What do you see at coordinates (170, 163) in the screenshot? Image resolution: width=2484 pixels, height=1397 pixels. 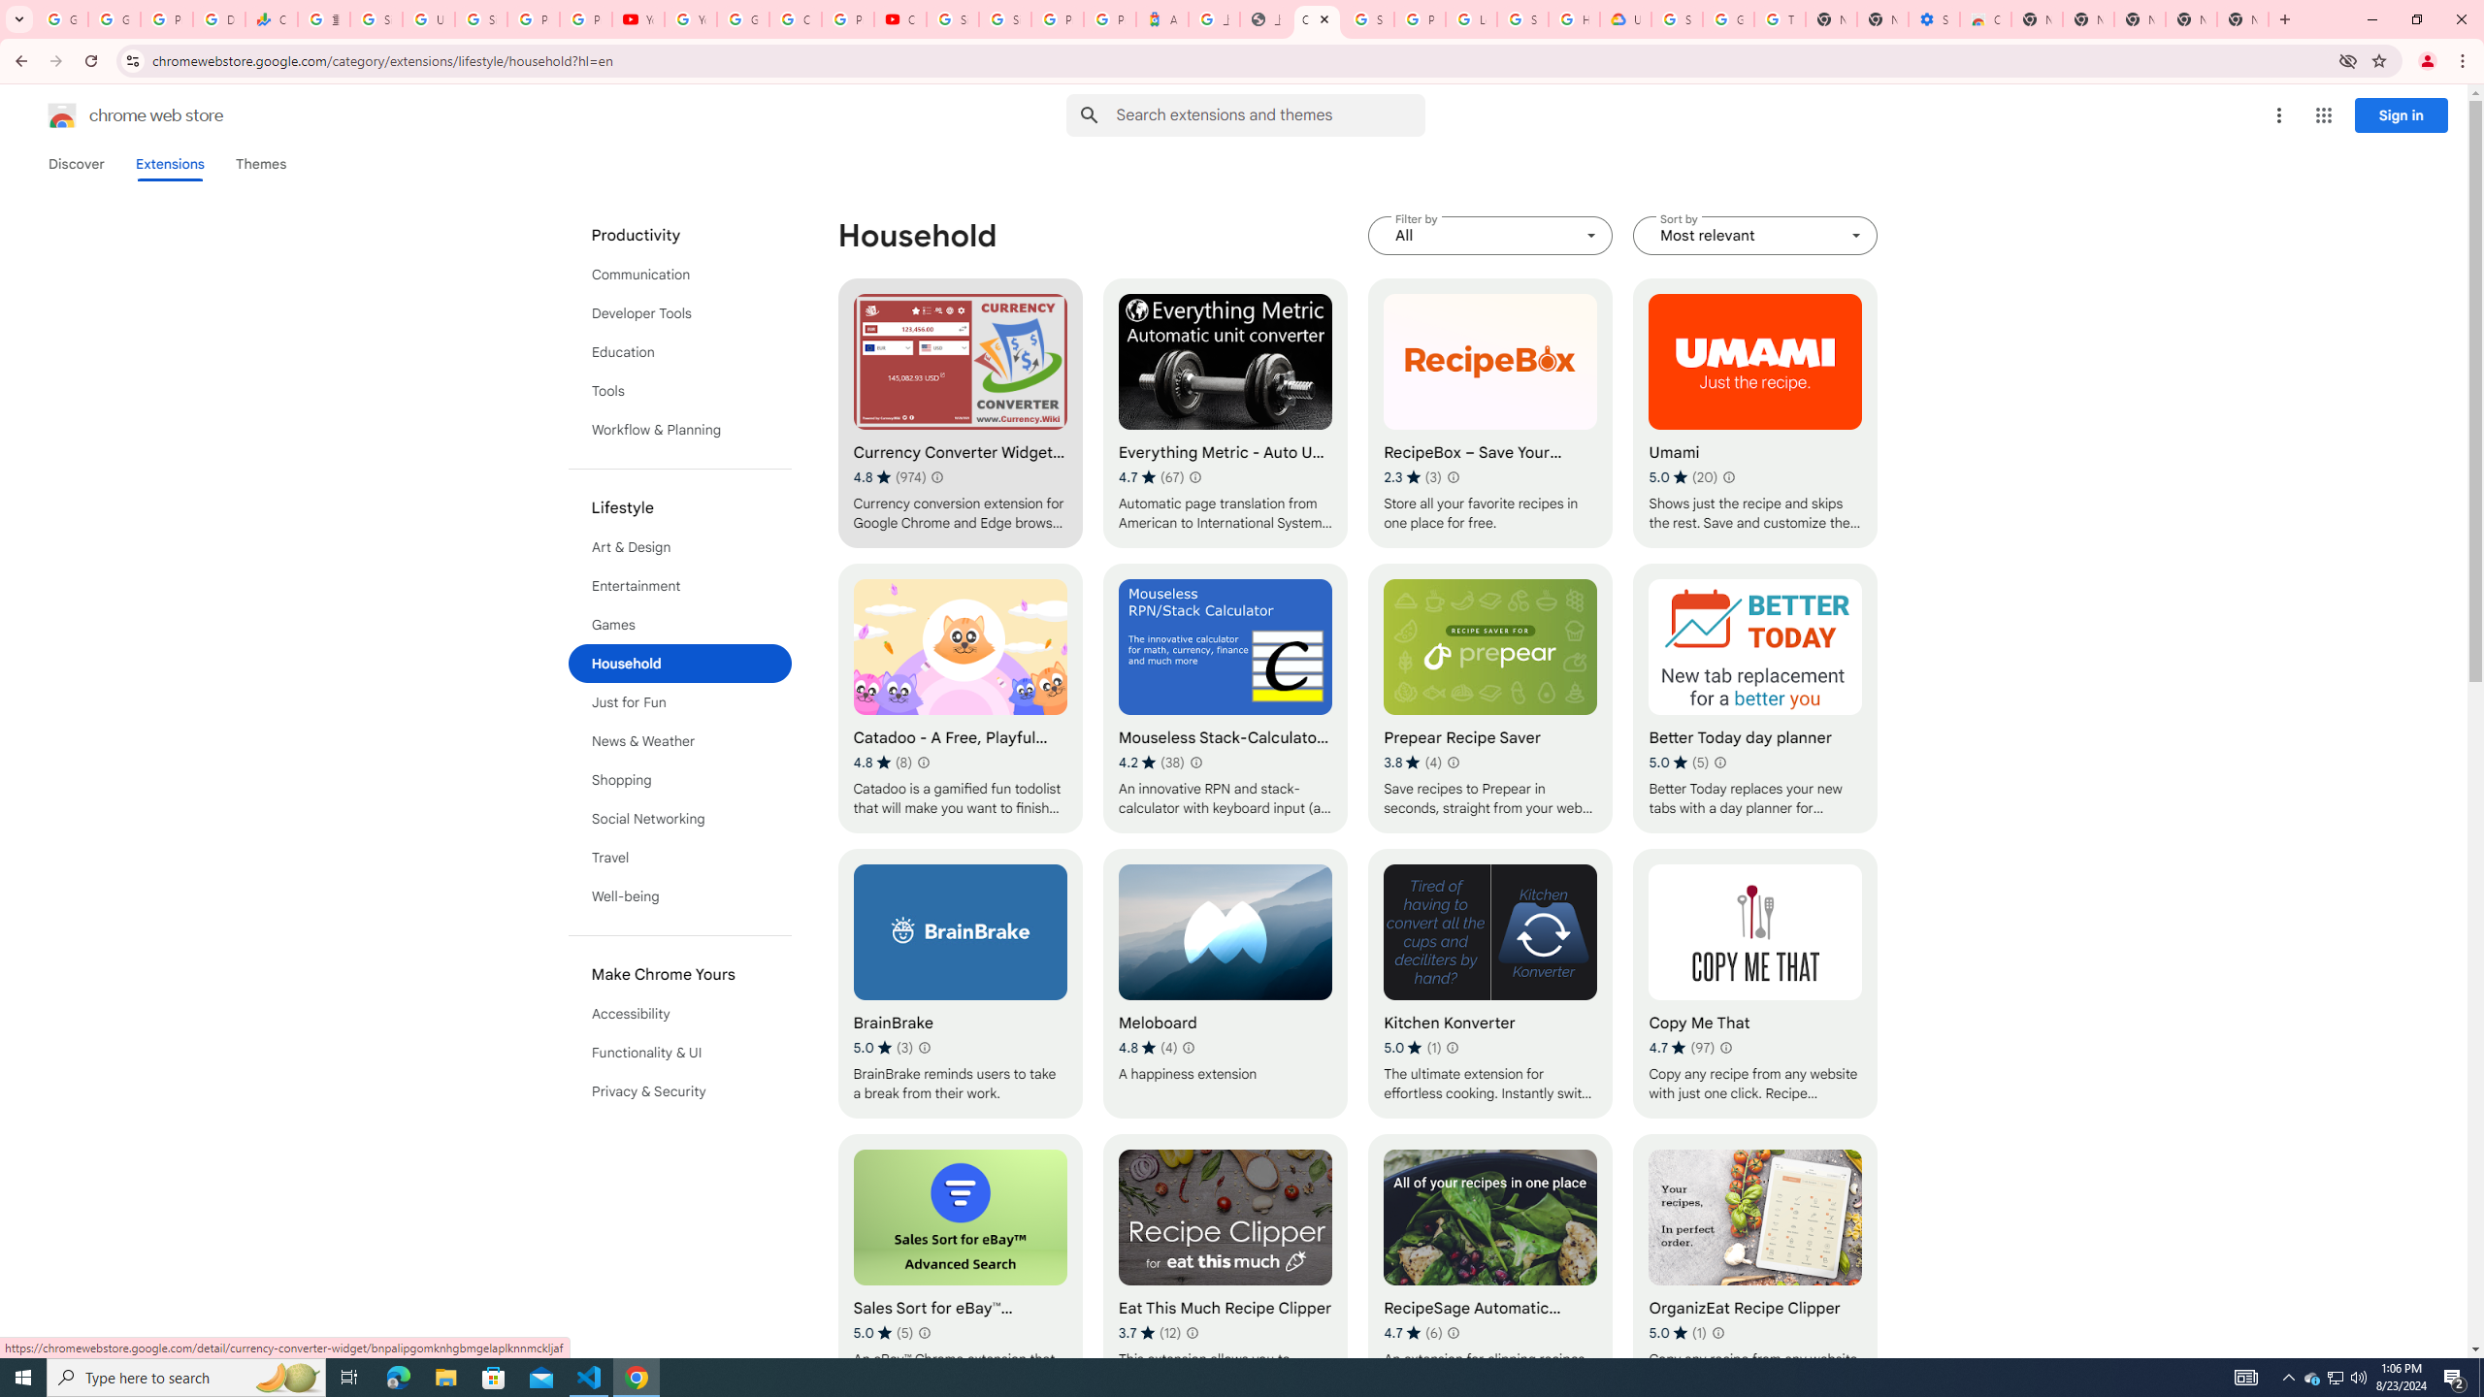 I see `'Extensions'` at bounding box center [170, 163].